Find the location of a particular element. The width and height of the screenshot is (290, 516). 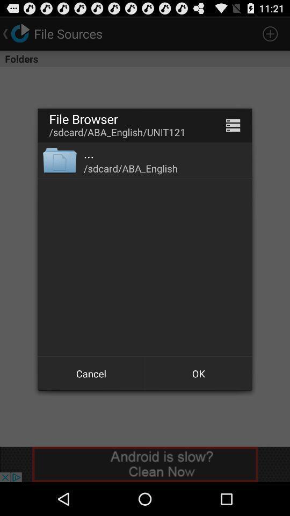

more options is located at coordinates (233, 125).